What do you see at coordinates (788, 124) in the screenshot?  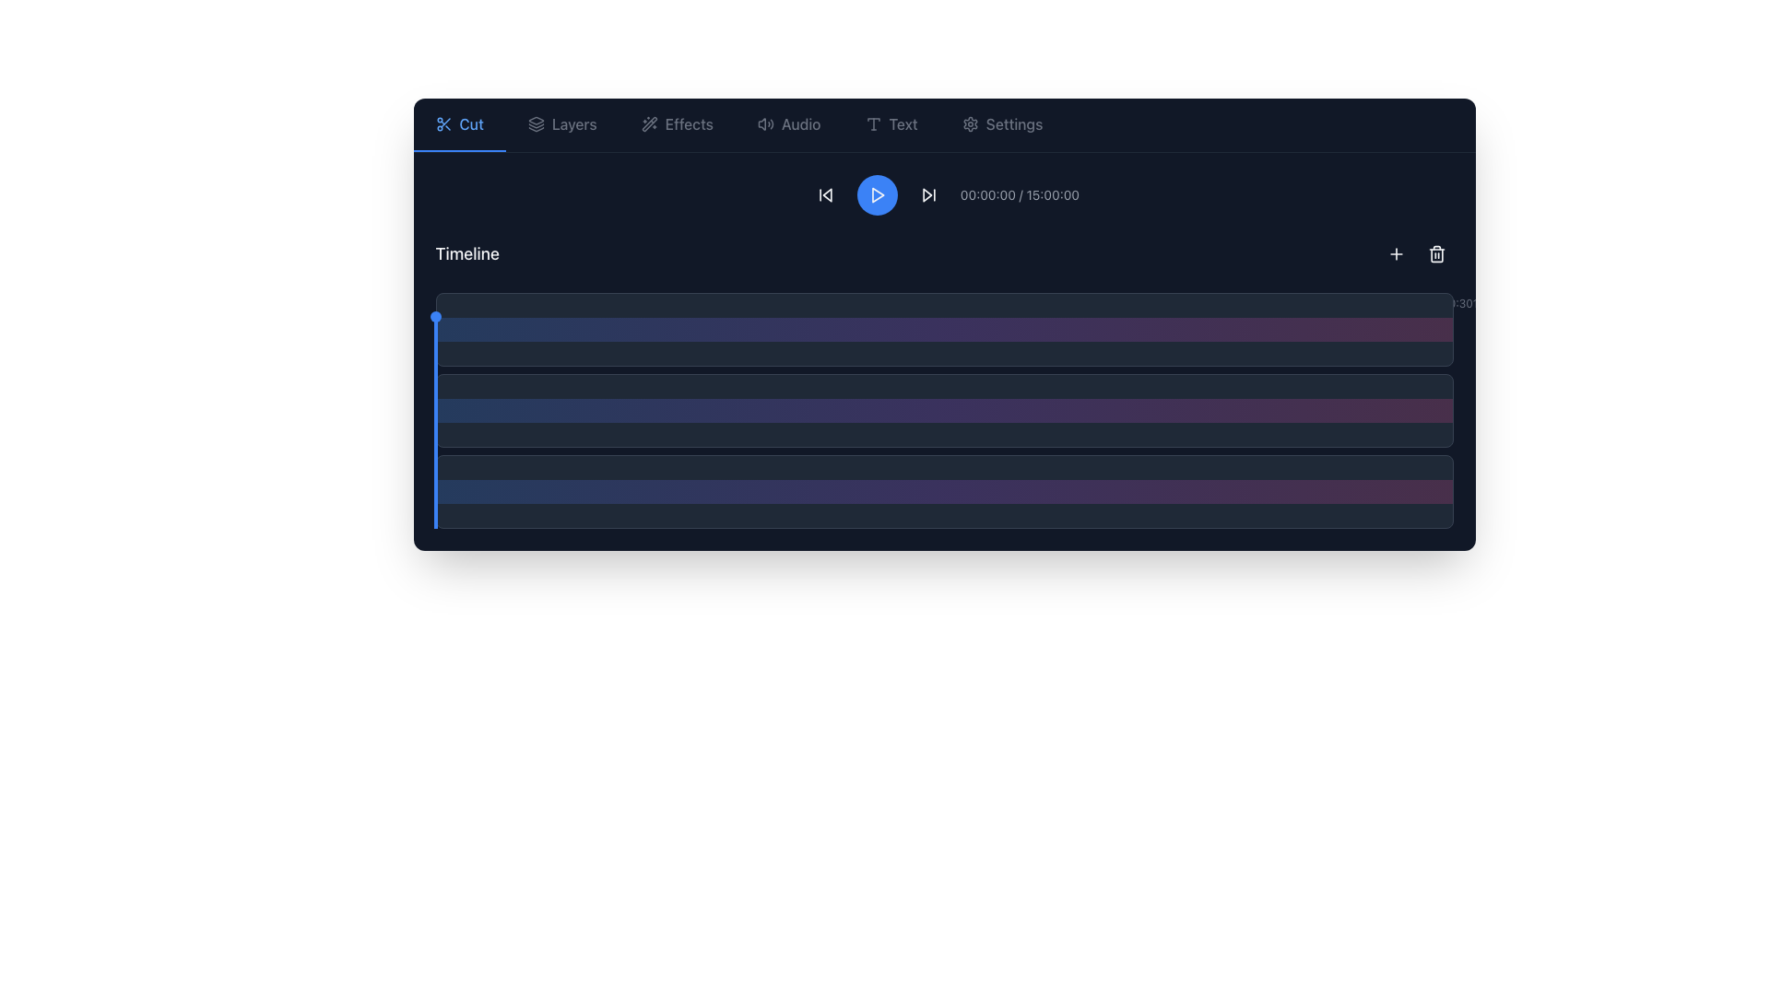 I see `the 'Audio' button located in the horizontal navigation menu at the top of the page` at bounding box center [788, 124].